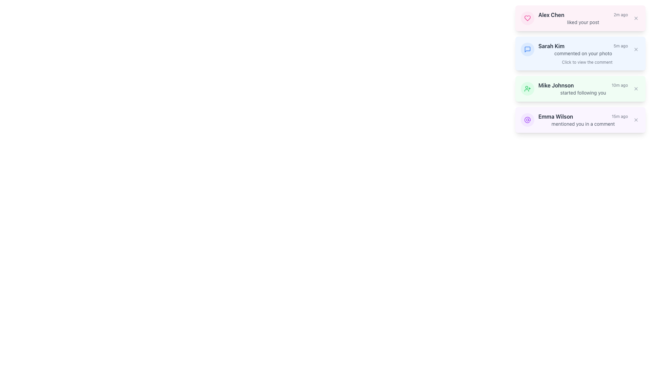  What do you see at coordinates (620, 85) in the screenshot?
I see `the small text label that reads '10m ago', which is positioned to the right of 'Mike Johnson' within a notification card` at bounding box center [620, 85].